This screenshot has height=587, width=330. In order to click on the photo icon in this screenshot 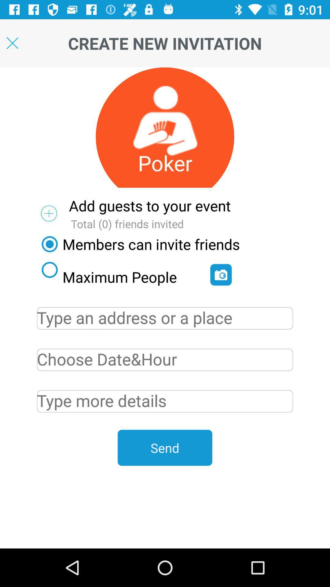, I will do `click(221, 274)`.